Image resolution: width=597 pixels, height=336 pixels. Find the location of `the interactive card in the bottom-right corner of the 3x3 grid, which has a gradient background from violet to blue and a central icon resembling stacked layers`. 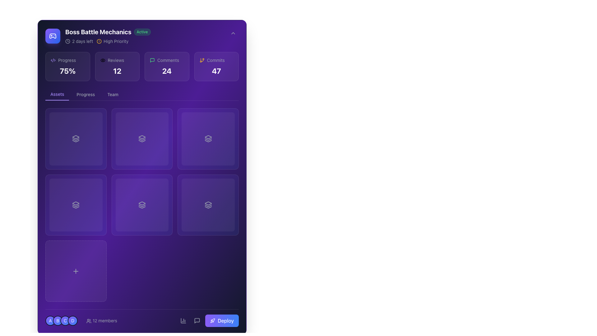

the interactive card in the bottom-right corner of the 3x3 grid, which has a gradient background from violet to blue and a central icon resembling stacked layers is located at coordinates (208, 205).